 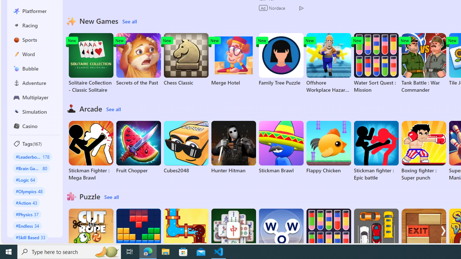 I want to click on 'Water Sort Quest : Mission', so click(x=376, y=63).